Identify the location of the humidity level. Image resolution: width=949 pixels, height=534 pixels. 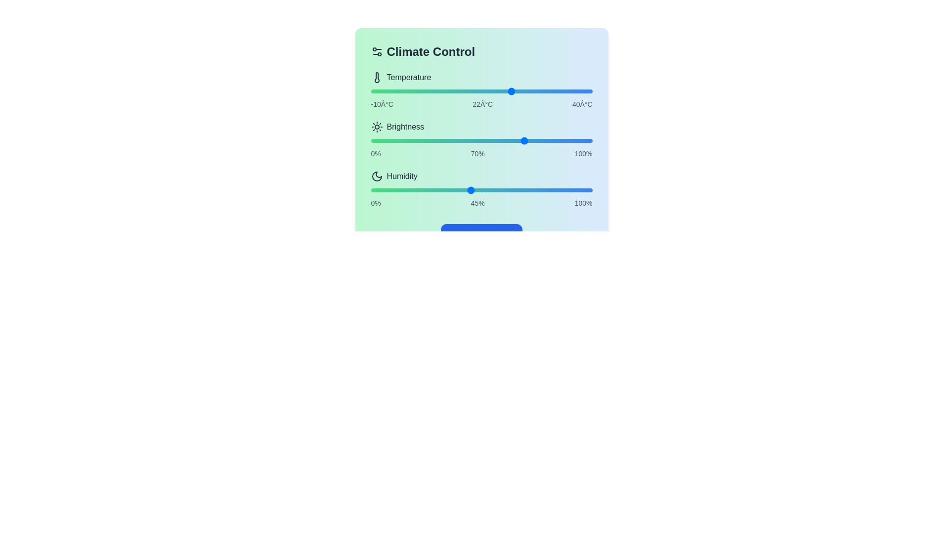
(463, 190).